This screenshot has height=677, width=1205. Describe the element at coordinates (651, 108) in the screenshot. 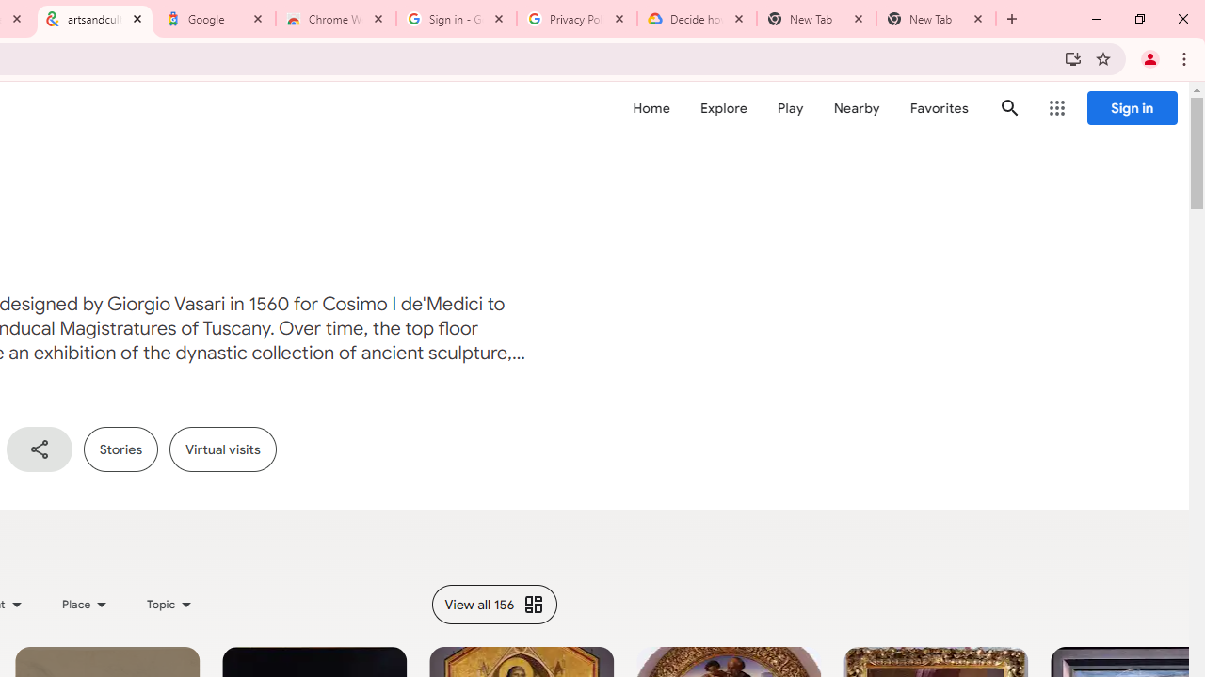

I see `'Home'` at that location.